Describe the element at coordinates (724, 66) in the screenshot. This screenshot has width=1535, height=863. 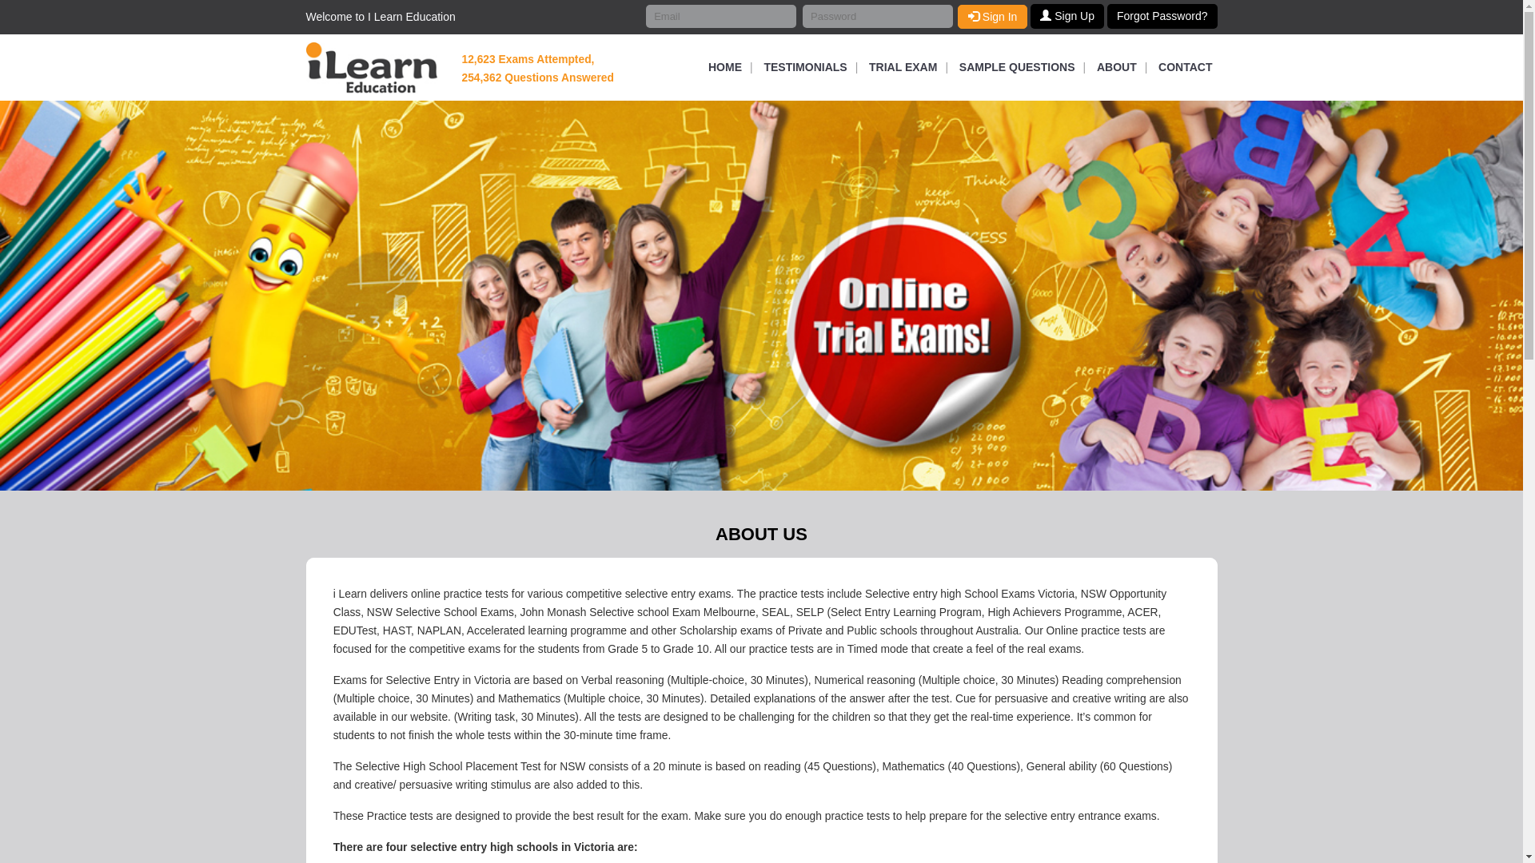
I see `'HOME'` at that location.